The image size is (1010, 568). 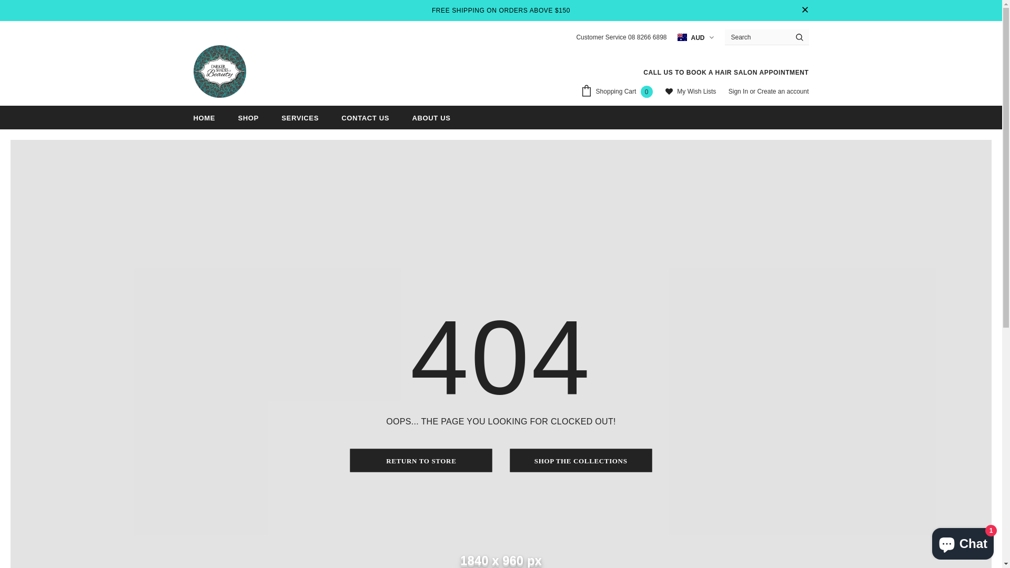 I want to click on 'SHOP', so click(x=247, y=117).